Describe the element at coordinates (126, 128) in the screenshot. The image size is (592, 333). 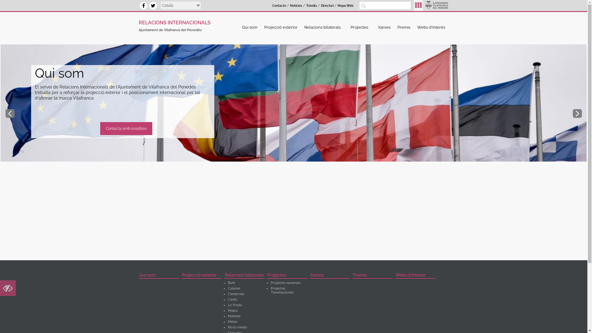
I see `'Contacta amb nosaltres'` at that location.